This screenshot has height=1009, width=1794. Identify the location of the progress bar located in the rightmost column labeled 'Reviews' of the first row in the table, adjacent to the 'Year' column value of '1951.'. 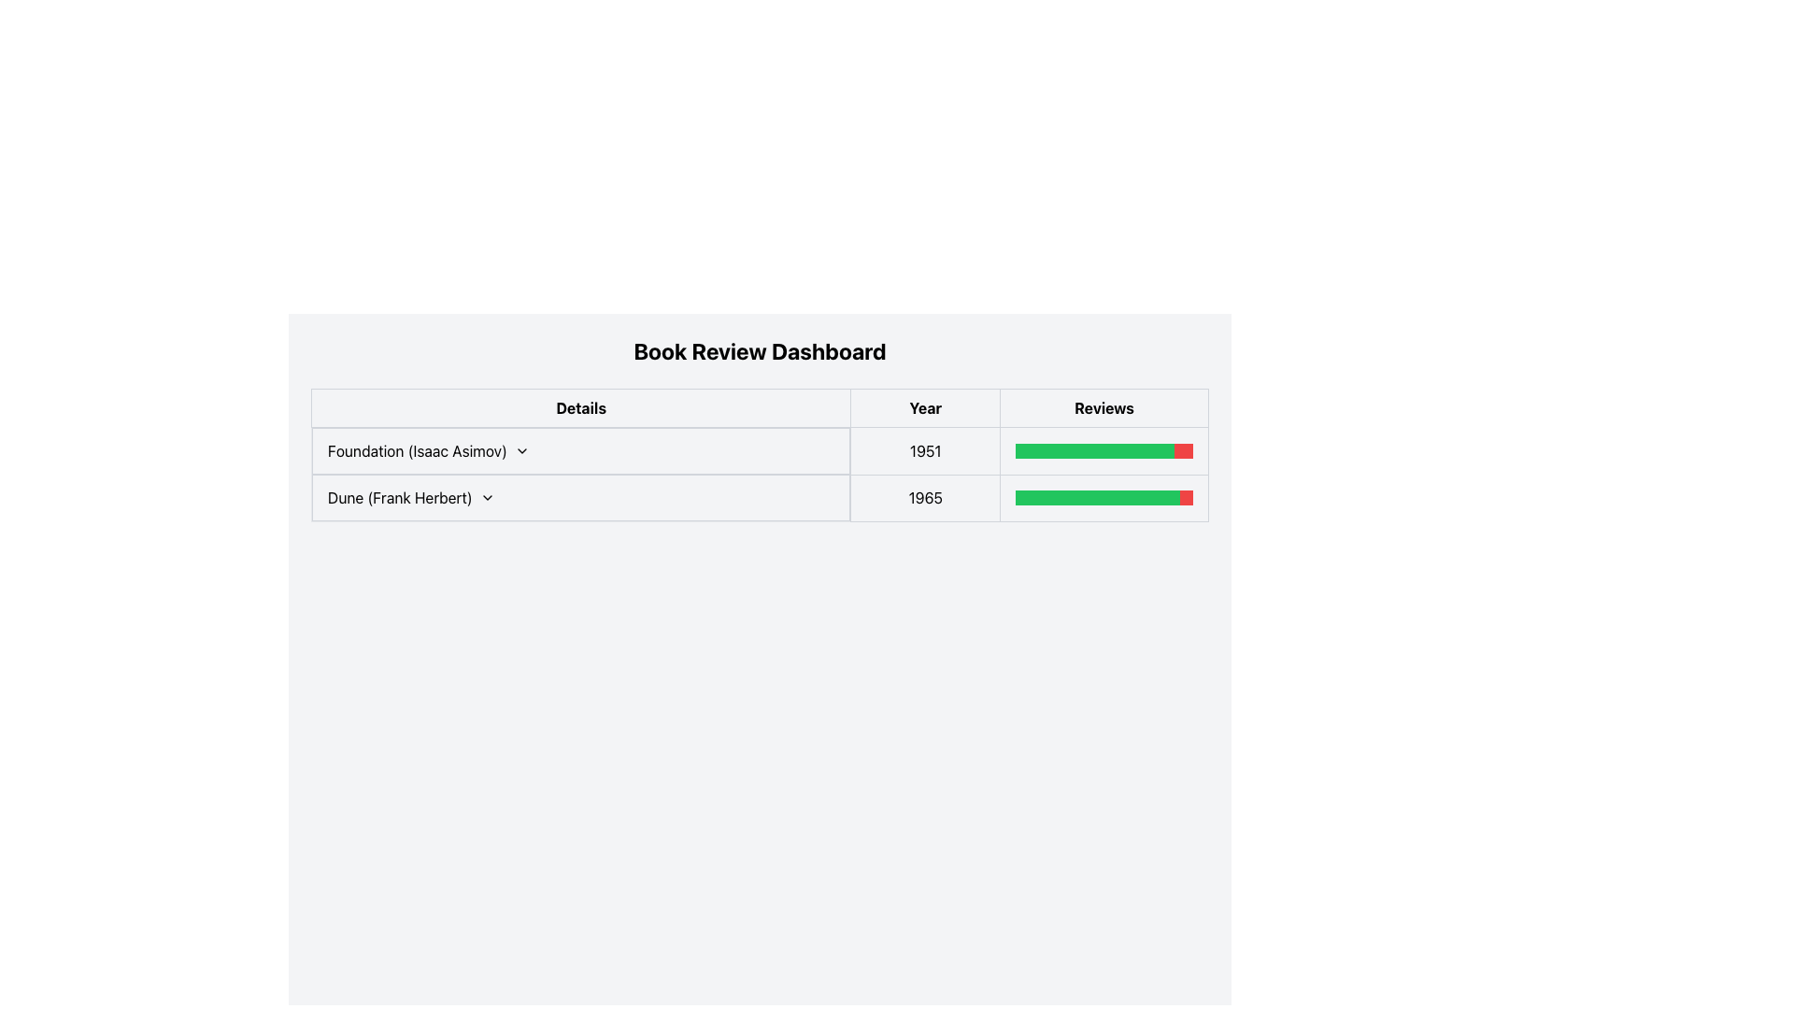
(1104, 450).